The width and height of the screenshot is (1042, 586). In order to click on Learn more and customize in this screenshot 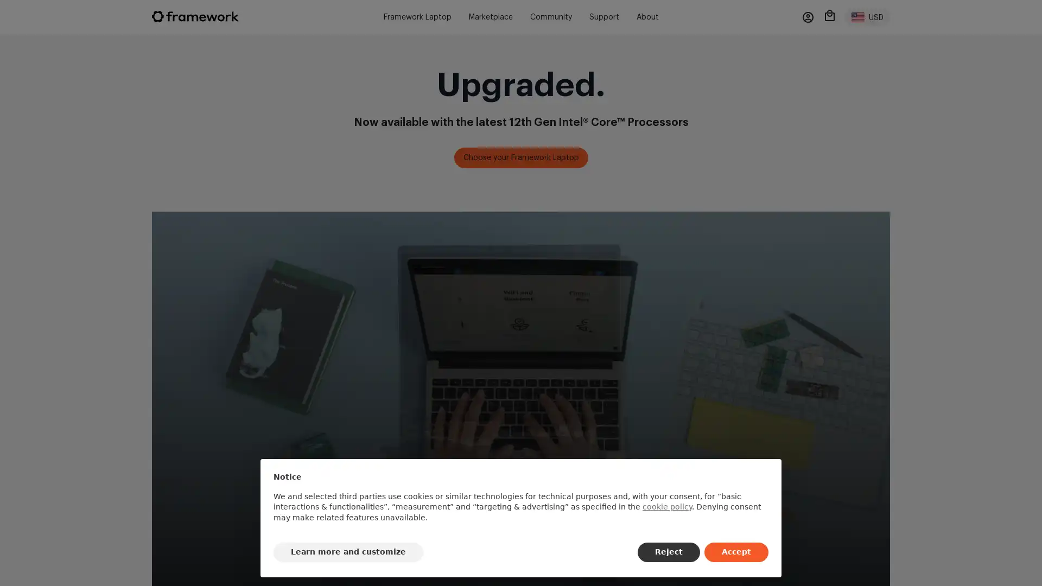, I will do `click(348, 552)`.